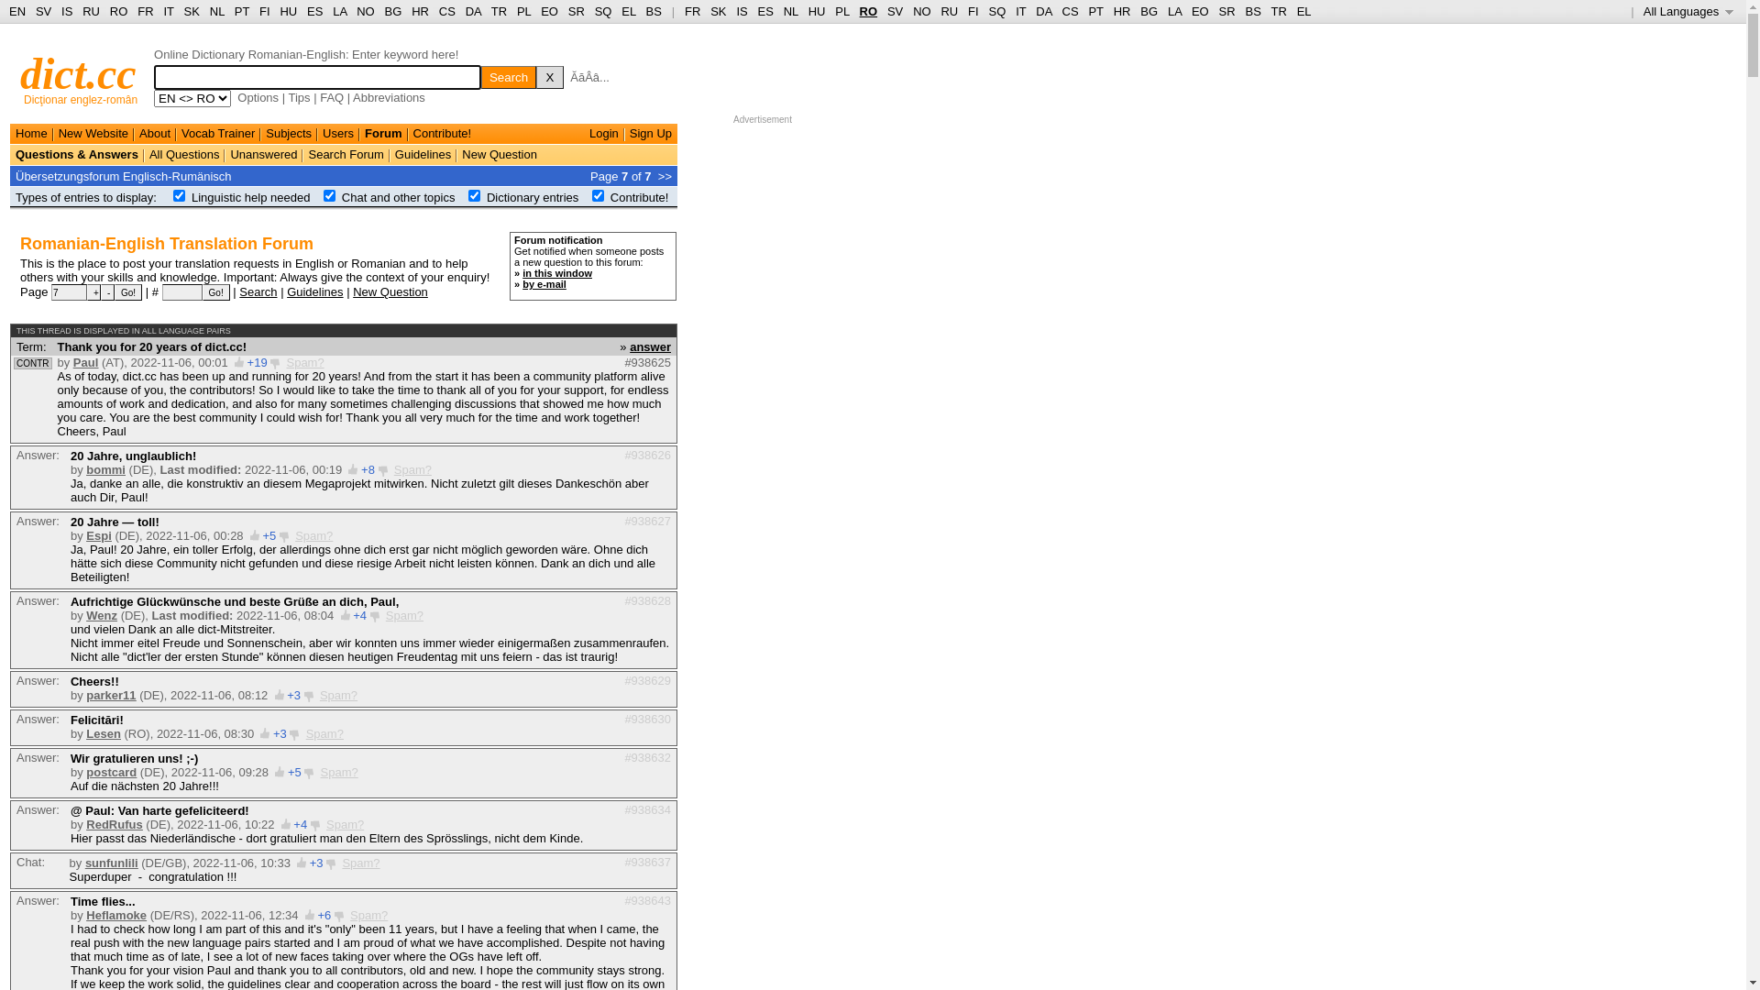 This screenshot has width=1760, height=990. Describe the element at coordinates (624, 679) in the screenshot. I see `'#938629'` at that location.